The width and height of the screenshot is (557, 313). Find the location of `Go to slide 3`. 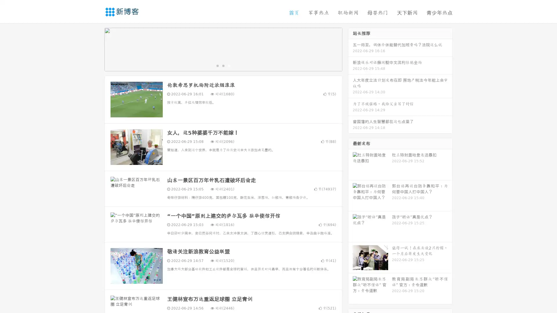

Go to slide 3 is located at coordinates (229, 65).